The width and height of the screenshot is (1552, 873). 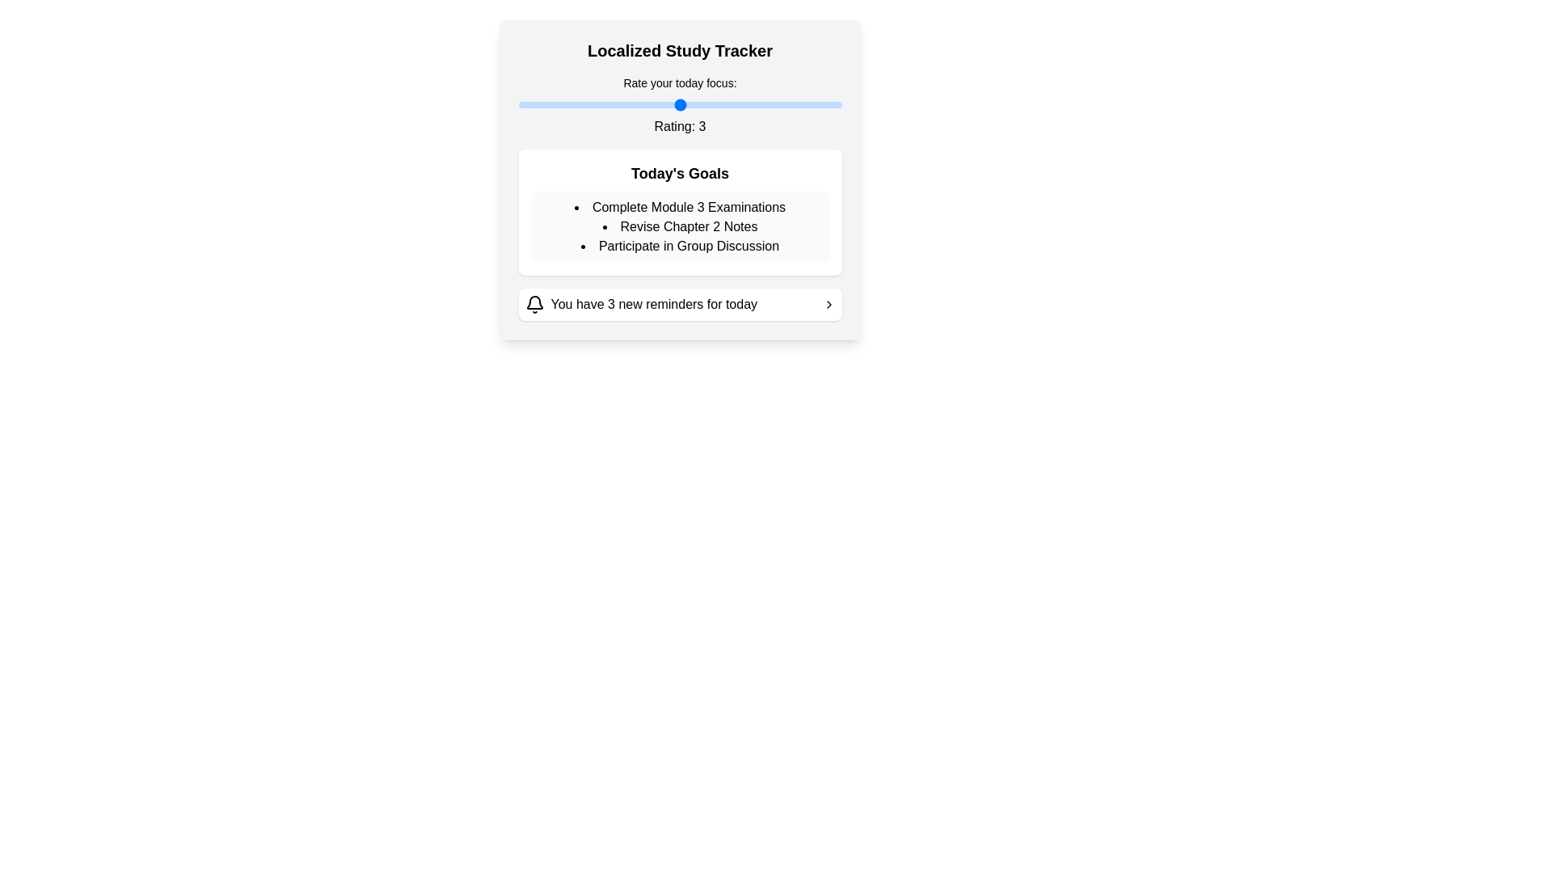 What do you see at coordinates (680, 246) in the screenshot?
I see `the text 'Participate in Group Discussion' which is the third item in the bullet point list under 'Today's Goals'` at bounding box center [680, 246].